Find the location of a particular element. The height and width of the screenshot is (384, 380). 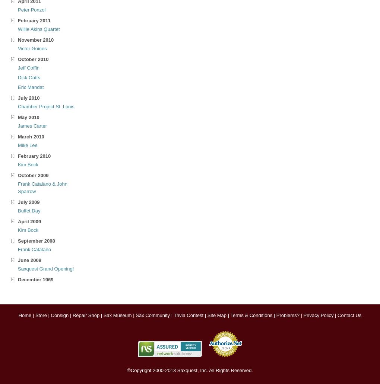

'Terms & Conditions' is located at coordinates (251, 315).